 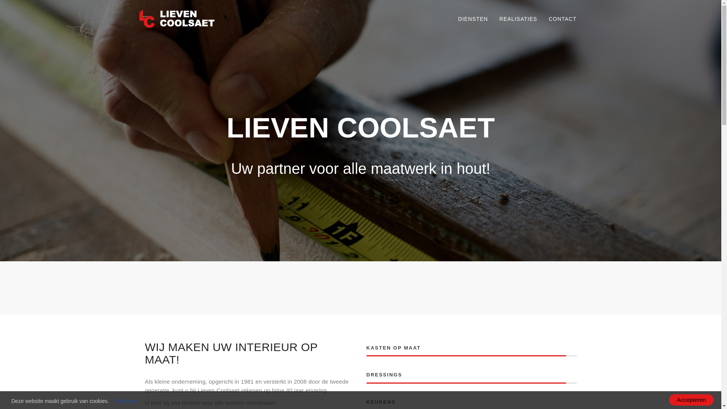 I want to click on 'CONTACT', so click(x=563, y=19).